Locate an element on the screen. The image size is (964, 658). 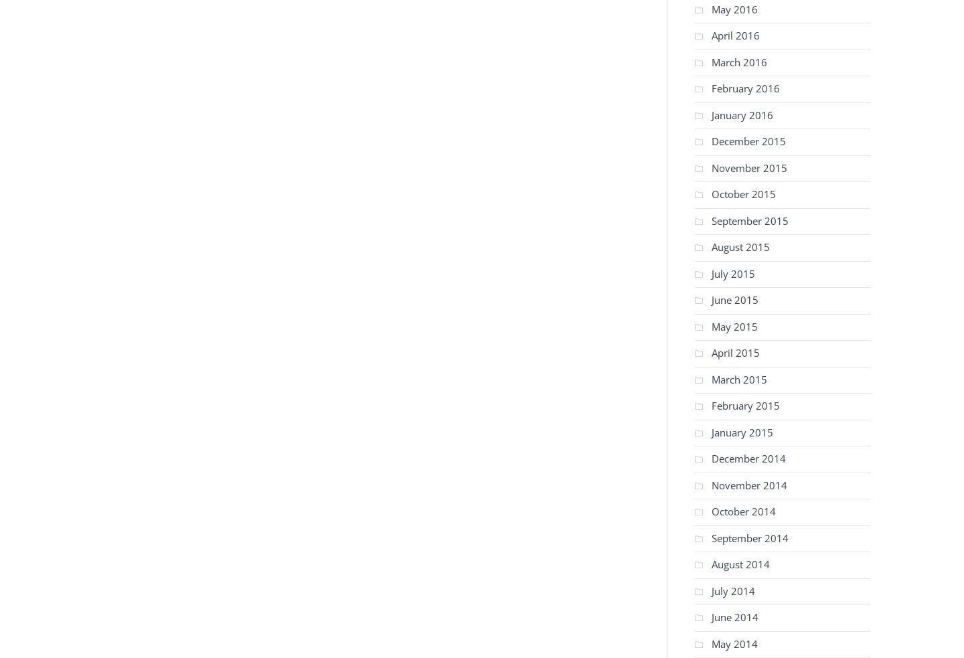
'July 2014' is located at coordinates (732, 590).